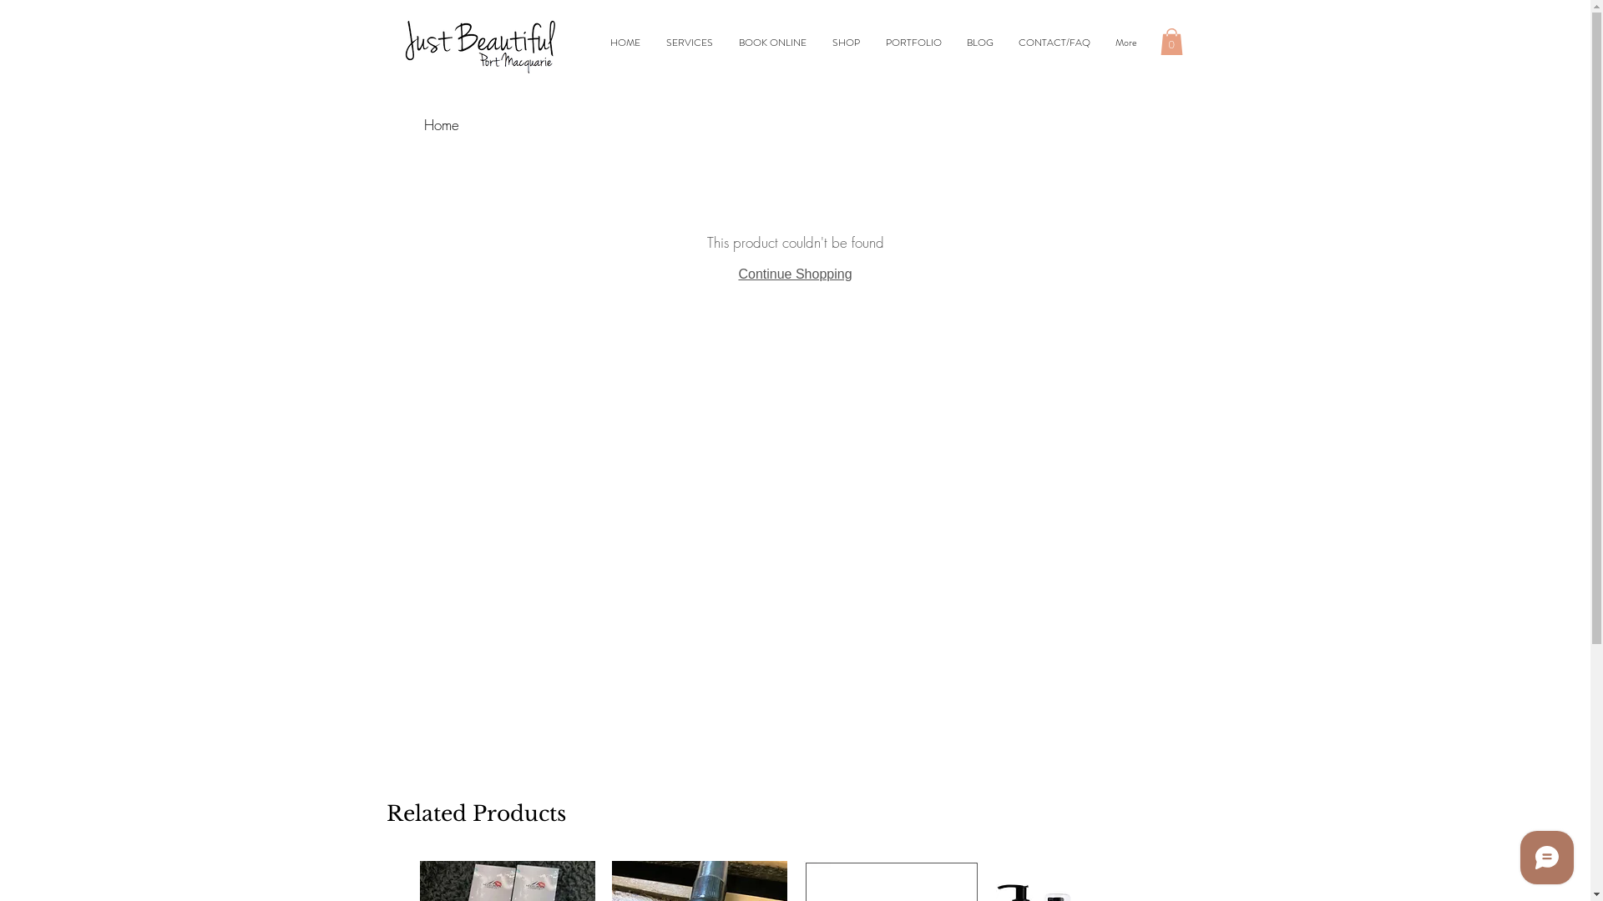 The width and height of the screenshot is (1603, 901). I want to click on 'PORTFOLIO', so click(913, 41).